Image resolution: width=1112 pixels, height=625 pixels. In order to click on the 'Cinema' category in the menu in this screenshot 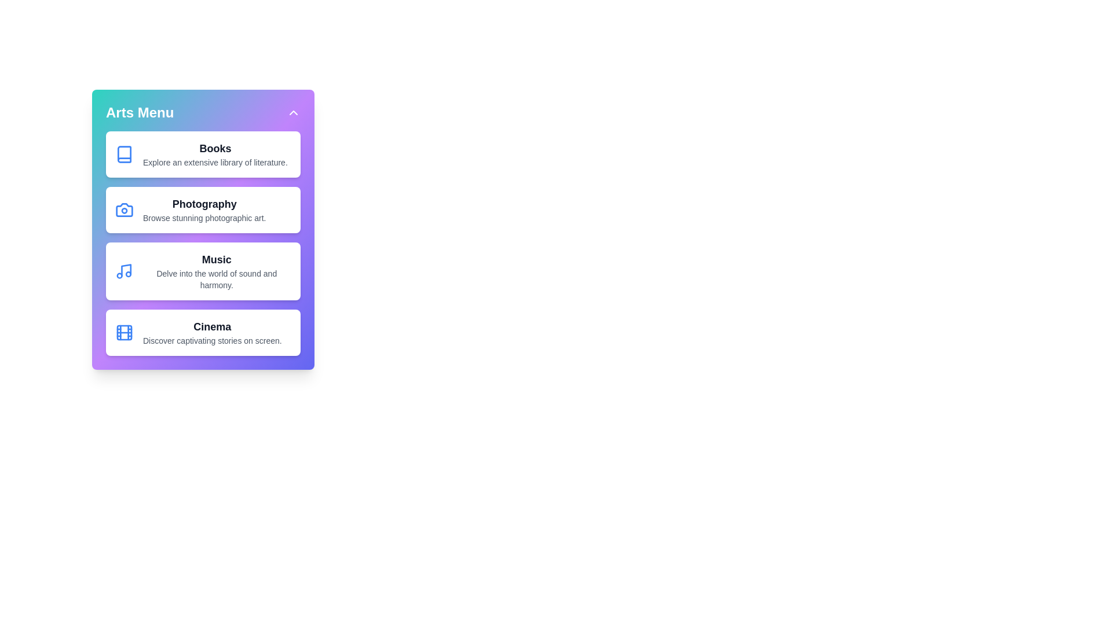, I will do `click(203, 332)`.